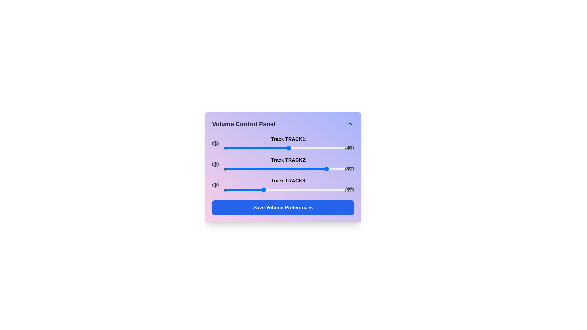 The image size is (587, 330). Describe the element at coordinates (289, 148) in the screenshot. I see `the slider knob for 'Track TRACK1' in the Volume Control Panel` at that location.